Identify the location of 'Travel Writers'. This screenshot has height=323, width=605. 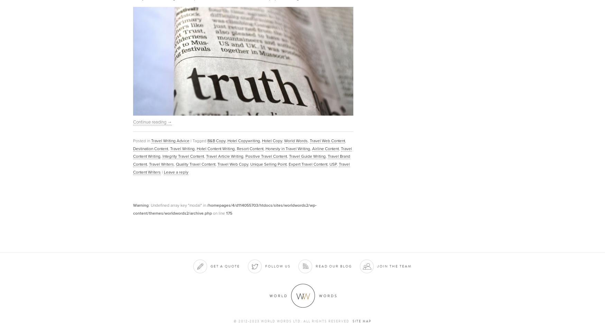
(161, 164).